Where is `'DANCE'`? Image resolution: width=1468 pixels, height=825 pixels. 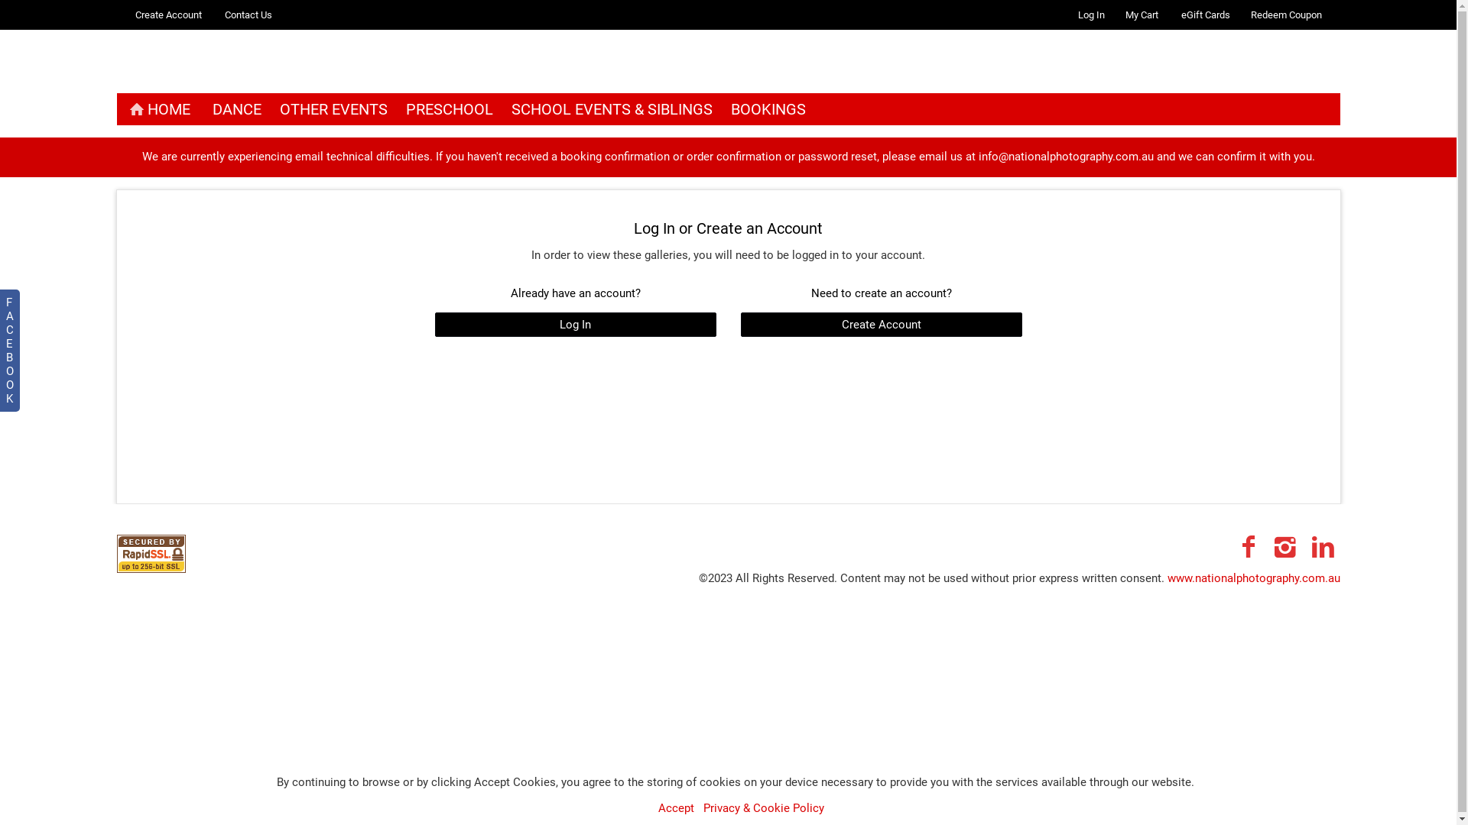
'DANCE' is located at coordinates (236, 108).